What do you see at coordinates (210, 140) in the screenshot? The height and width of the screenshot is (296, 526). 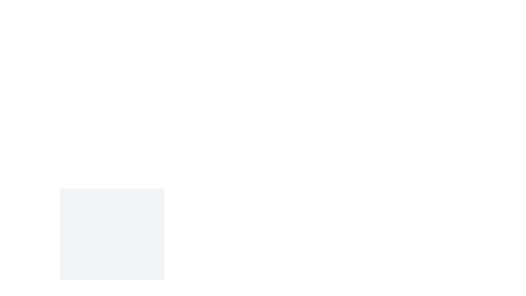 I see `the background to dismiss the dialog` at bounding box center [210, 140].